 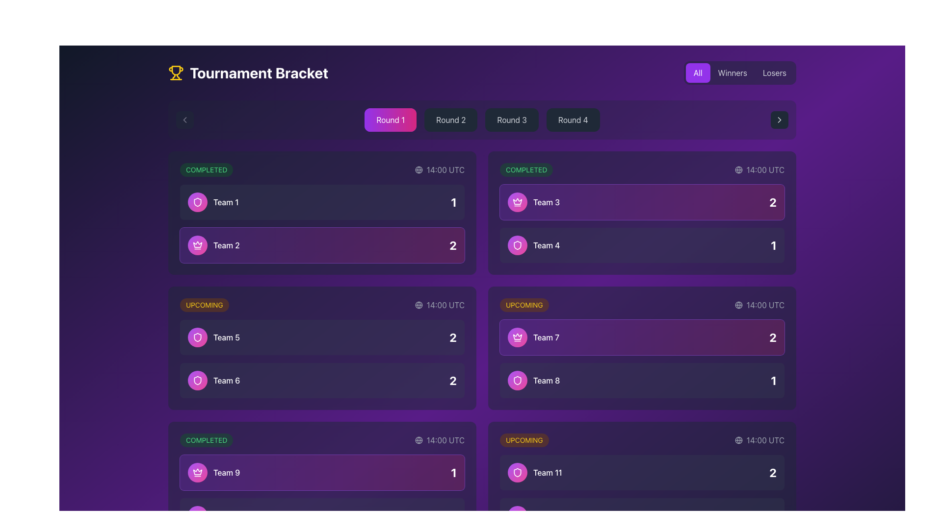 What do you see at coordinates (419, 169) in the screenshot?
I see `the gray circle within the SVG globe icon located in the top-left corner of the card element containing '14:00 UTC', next to the scorecard for 'Team 1' and 'Team 2'` at bounding box center [419, 169].